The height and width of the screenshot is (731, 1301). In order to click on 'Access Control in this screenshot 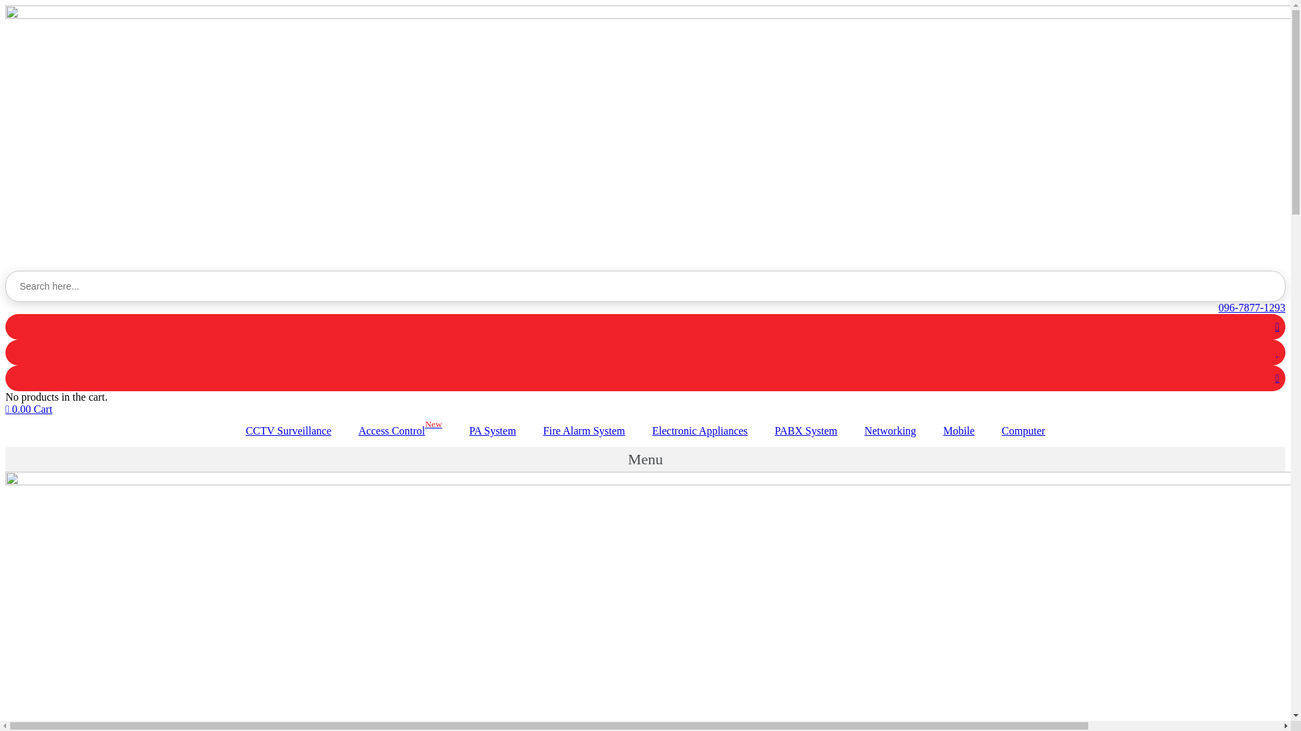, I will do `click(399, 430)`.